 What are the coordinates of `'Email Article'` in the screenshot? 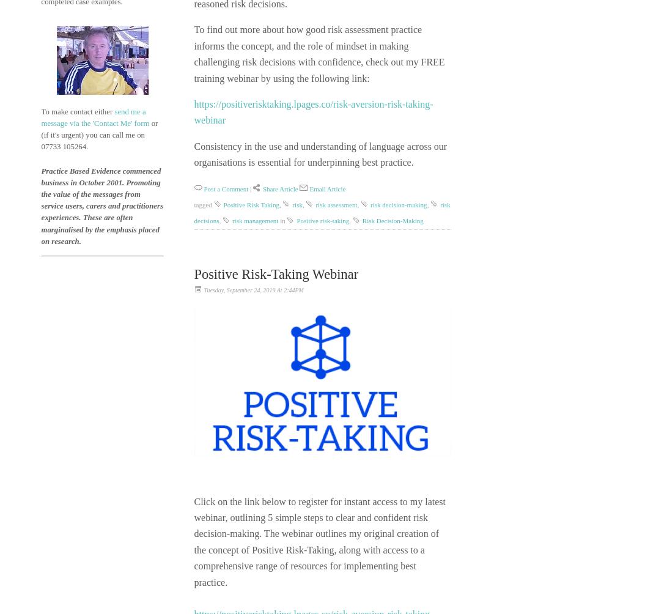 It's located at (326, 188).